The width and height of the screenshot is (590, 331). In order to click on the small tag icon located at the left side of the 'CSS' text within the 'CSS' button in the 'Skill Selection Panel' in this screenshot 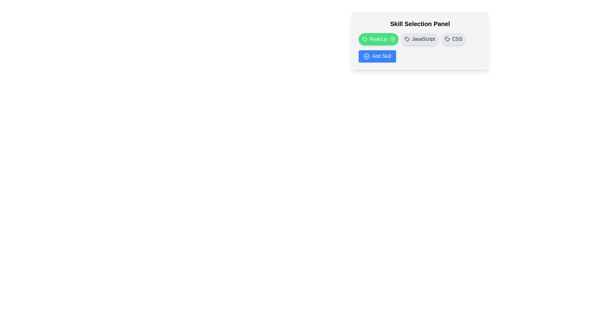, I will do `click(447, 39)`.